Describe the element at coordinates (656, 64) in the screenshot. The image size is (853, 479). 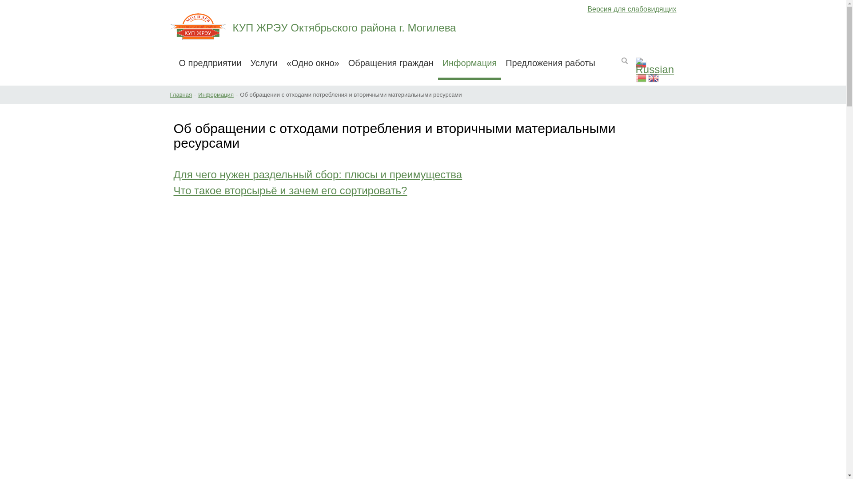
I see `'Russian'` at that location.